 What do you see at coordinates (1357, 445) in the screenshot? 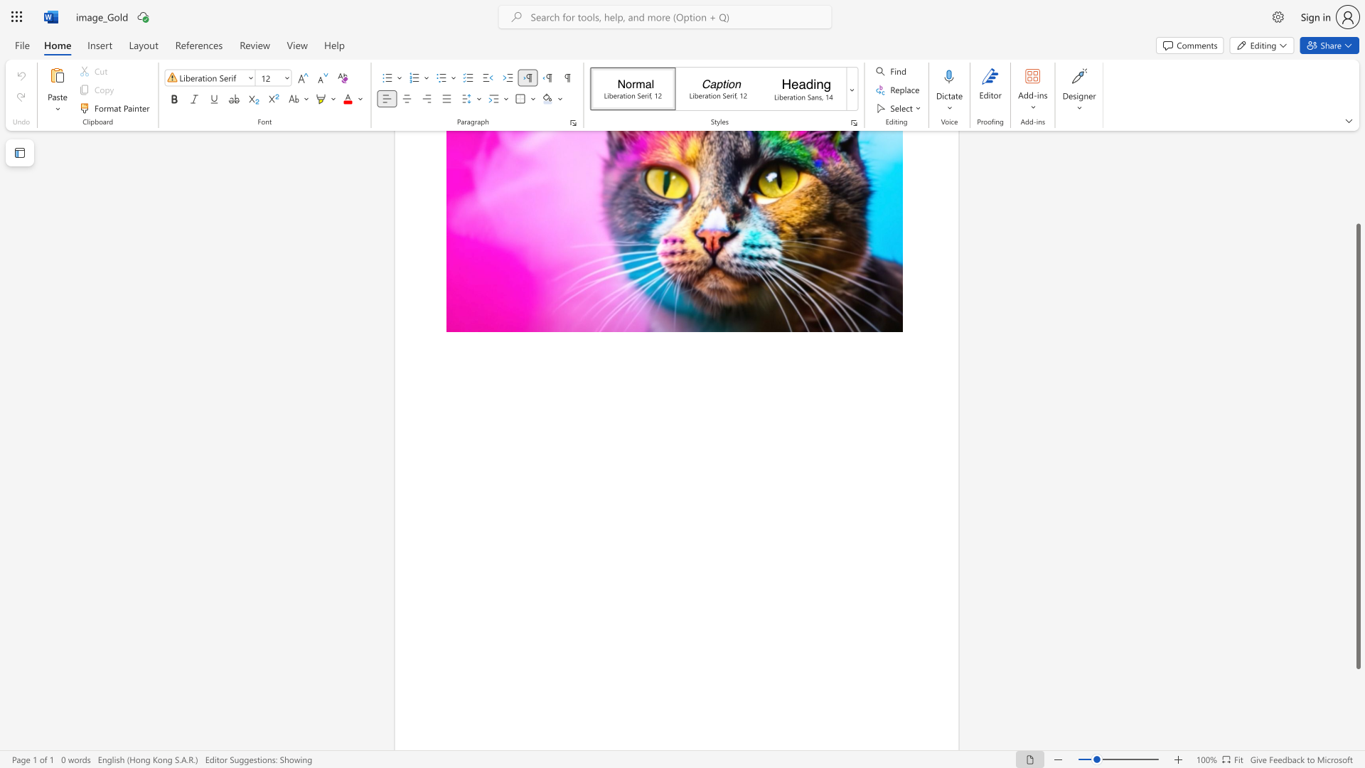
I see `the scrollbar and move up 60 pixels` at bounding box center [1357, 445].